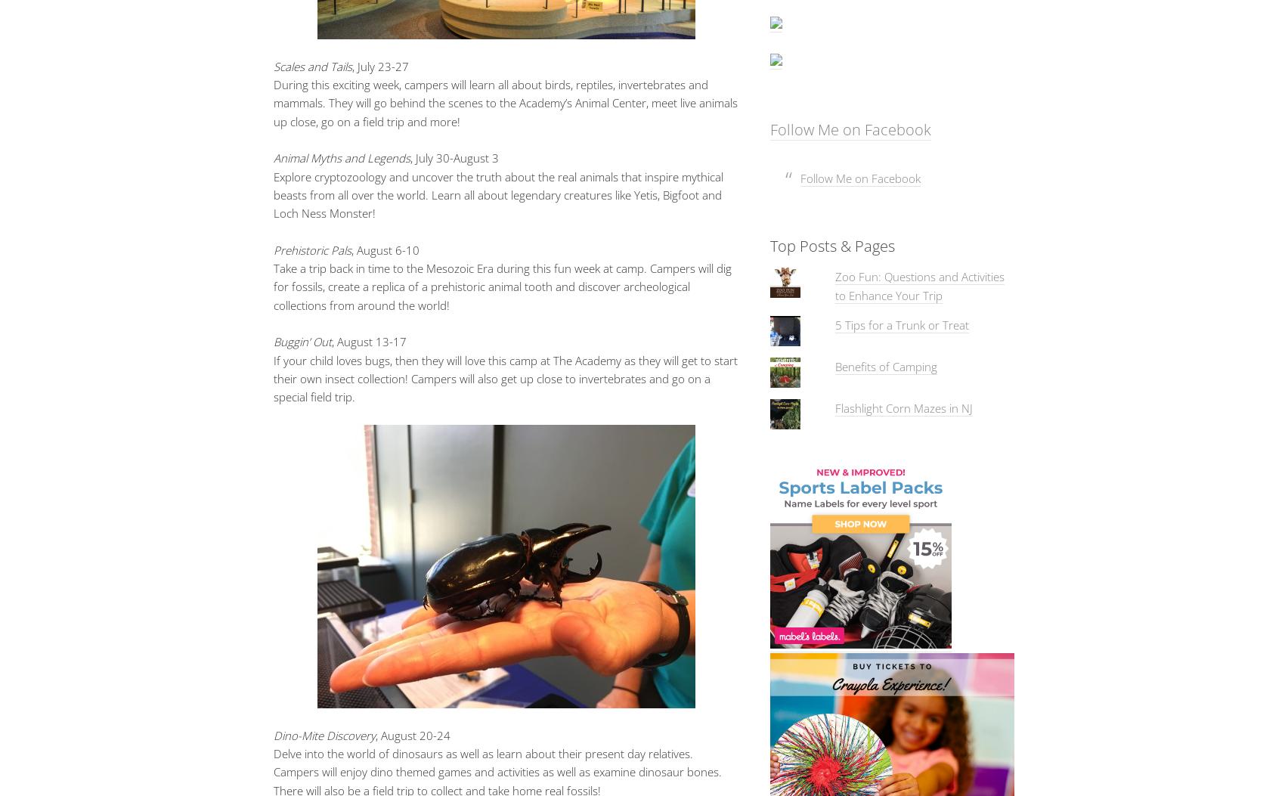 The width and height of the screenshot is (1288, 796). What do you see at coordinates (272, 158) in the screenshot?
I see `'Animal Myths and Legends'` at bounding box center [272, 158].